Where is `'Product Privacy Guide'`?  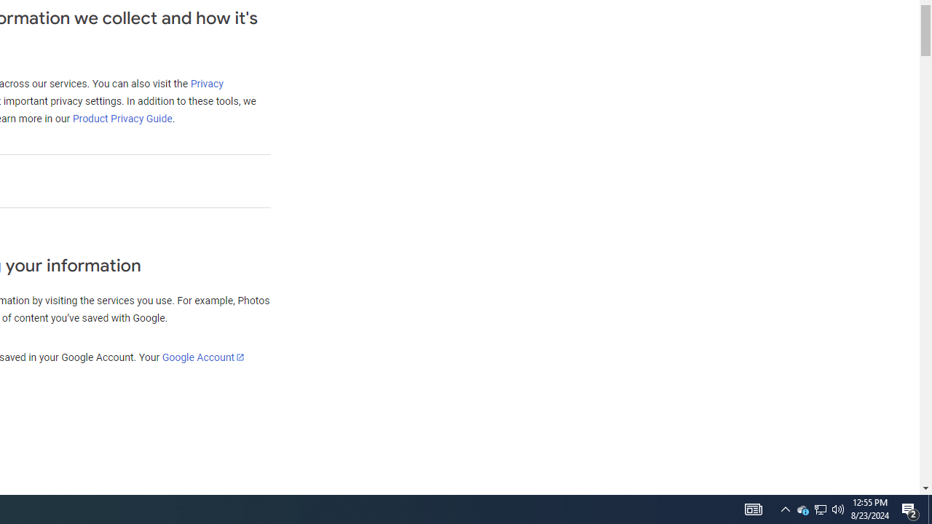
'Product Privacy Guide' is located at coordinates (122, 118).